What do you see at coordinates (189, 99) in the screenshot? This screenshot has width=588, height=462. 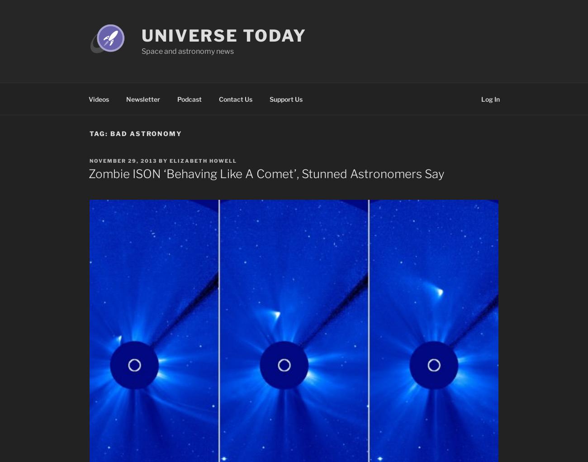 I see `'Podcast'` at bounding box center [189, 99].